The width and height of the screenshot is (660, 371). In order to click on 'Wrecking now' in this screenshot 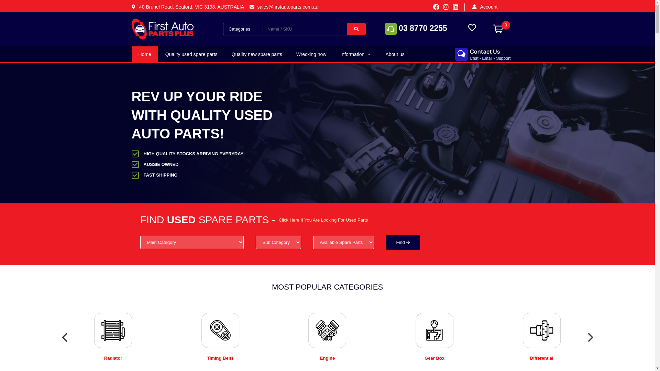, I will do `click(311, 54)`.